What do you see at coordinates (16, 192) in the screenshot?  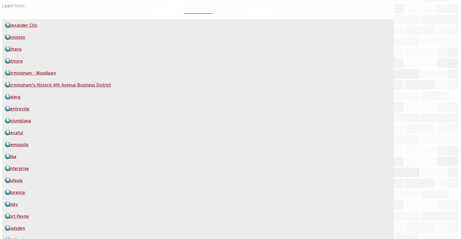 I see `'Florence'` at bounding box center [16, 192].